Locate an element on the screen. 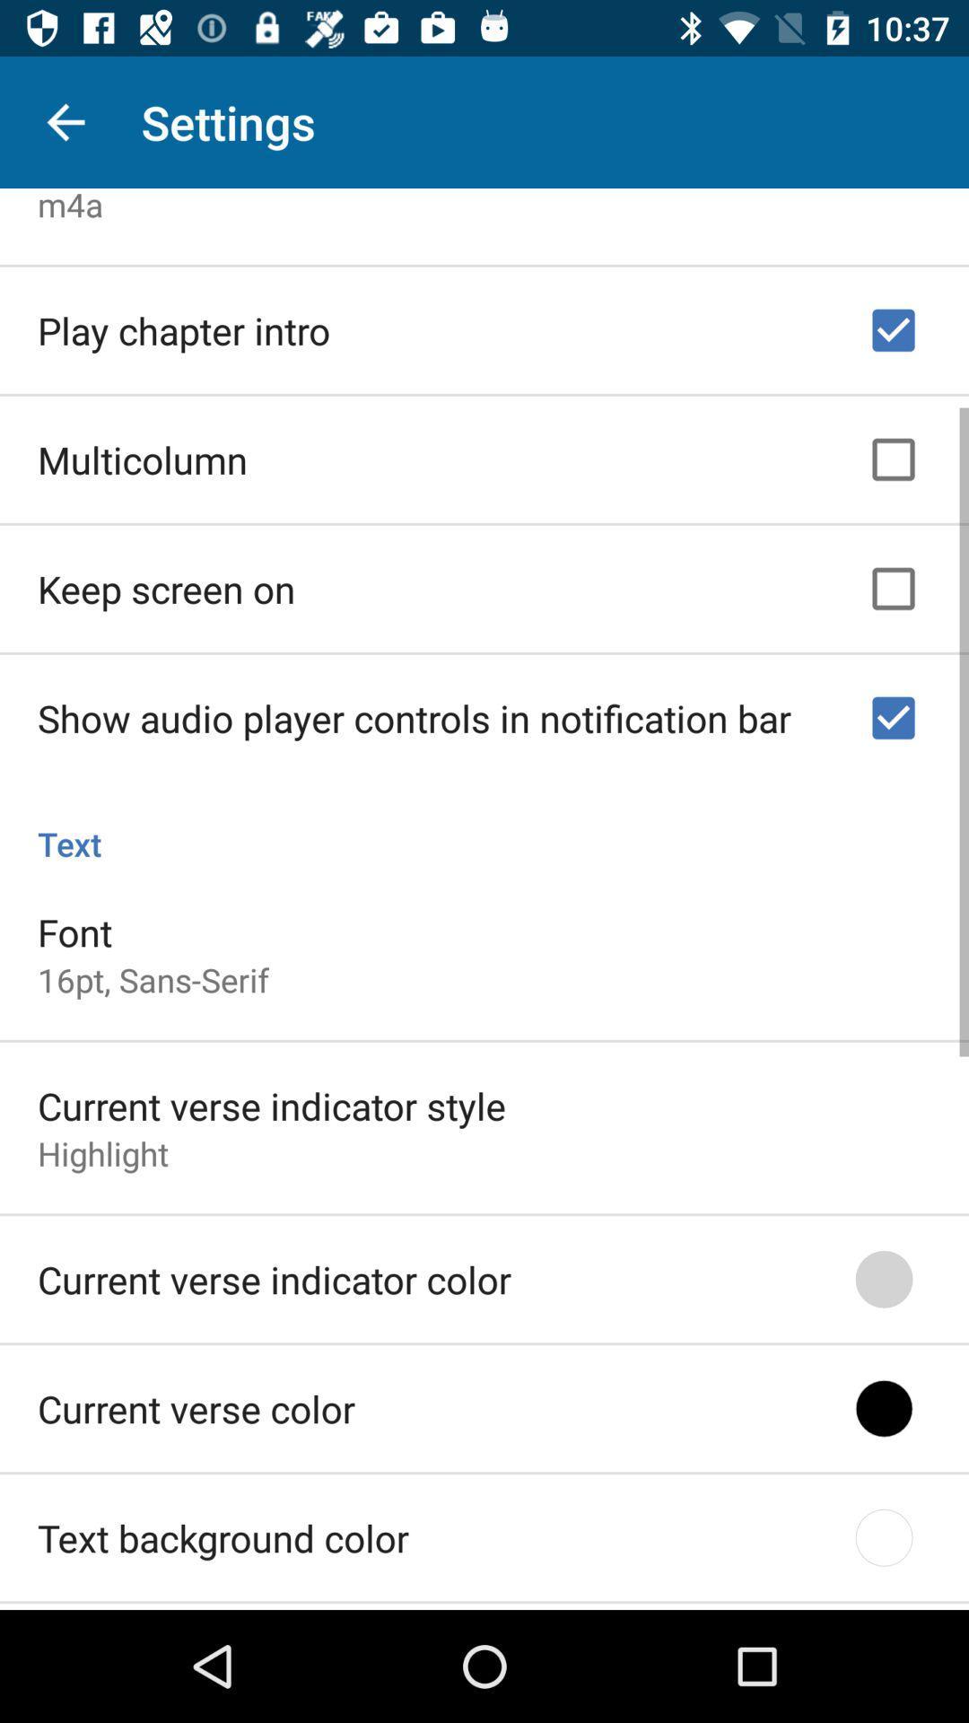 This screenshot has height=1723, width=969. icon above the multicolumn item is located at coordinates (184, 325).